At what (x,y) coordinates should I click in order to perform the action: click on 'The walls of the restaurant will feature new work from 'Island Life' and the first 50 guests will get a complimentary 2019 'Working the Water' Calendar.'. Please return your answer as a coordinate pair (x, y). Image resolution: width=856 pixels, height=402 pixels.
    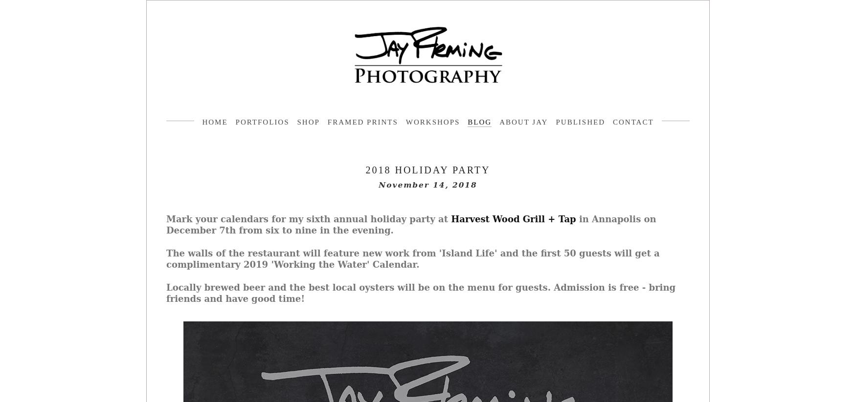
    Looking at the image, I should click on (414, 258).